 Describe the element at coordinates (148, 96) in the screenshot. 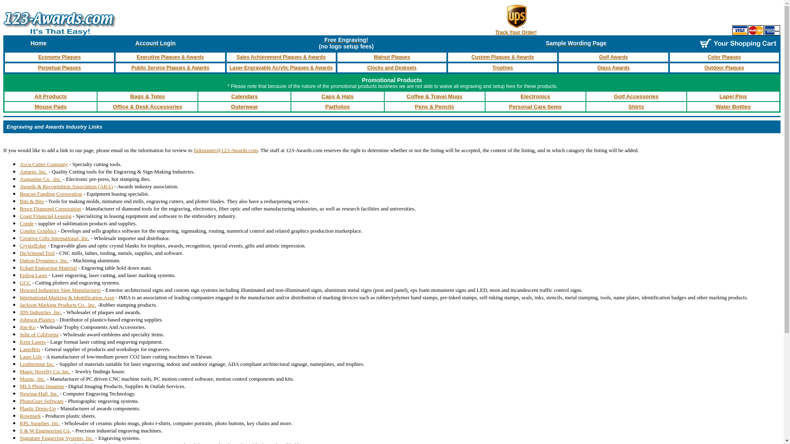

I see `'Bags & Totes'` at that location.